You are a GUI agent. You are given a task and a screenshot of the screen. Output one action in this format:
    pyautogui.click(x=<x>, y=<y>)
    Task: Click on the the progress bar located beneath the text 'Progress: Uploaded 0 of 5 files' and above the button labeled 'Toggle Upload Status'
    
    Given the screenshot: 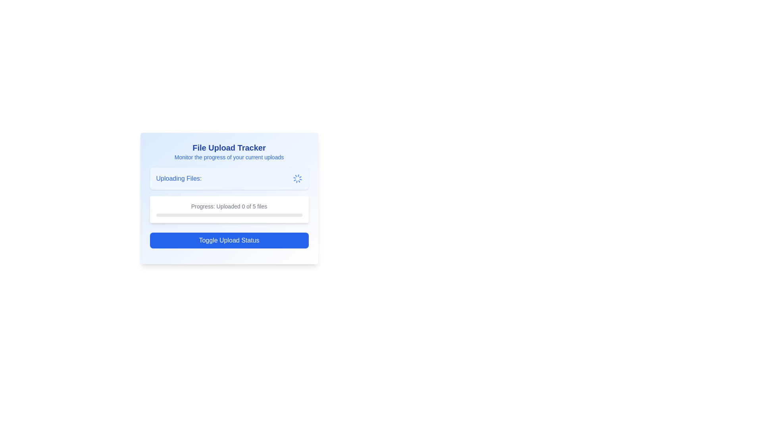 What is the action you would take?
    pyautogui.click(x=229, y=215)
    